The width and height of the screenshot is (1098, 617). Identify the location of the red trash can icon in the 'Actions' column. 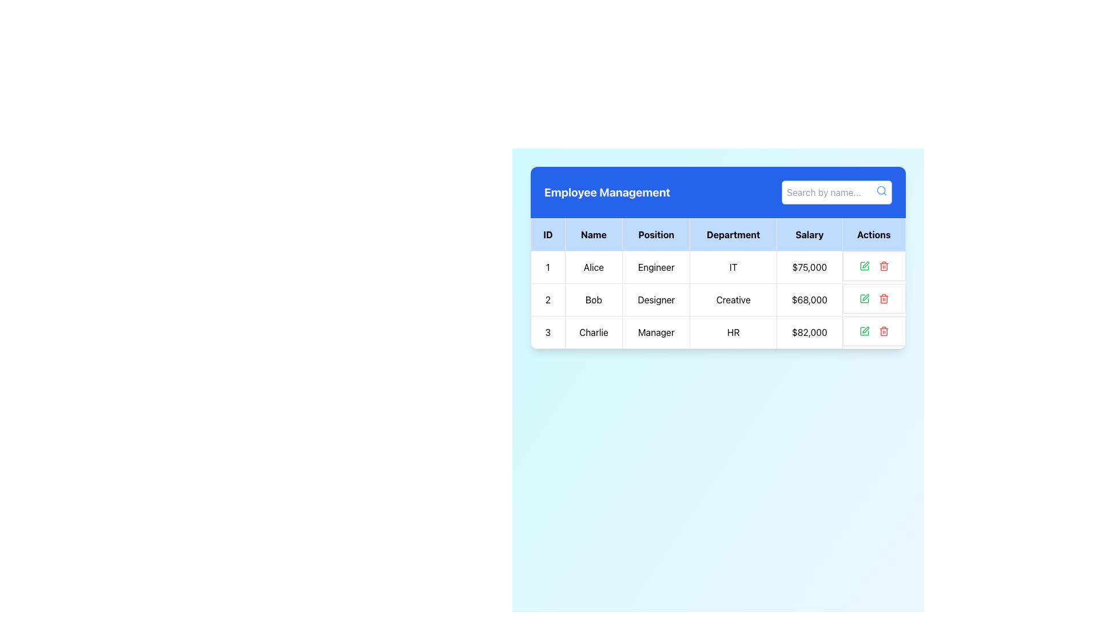
(883, 298).